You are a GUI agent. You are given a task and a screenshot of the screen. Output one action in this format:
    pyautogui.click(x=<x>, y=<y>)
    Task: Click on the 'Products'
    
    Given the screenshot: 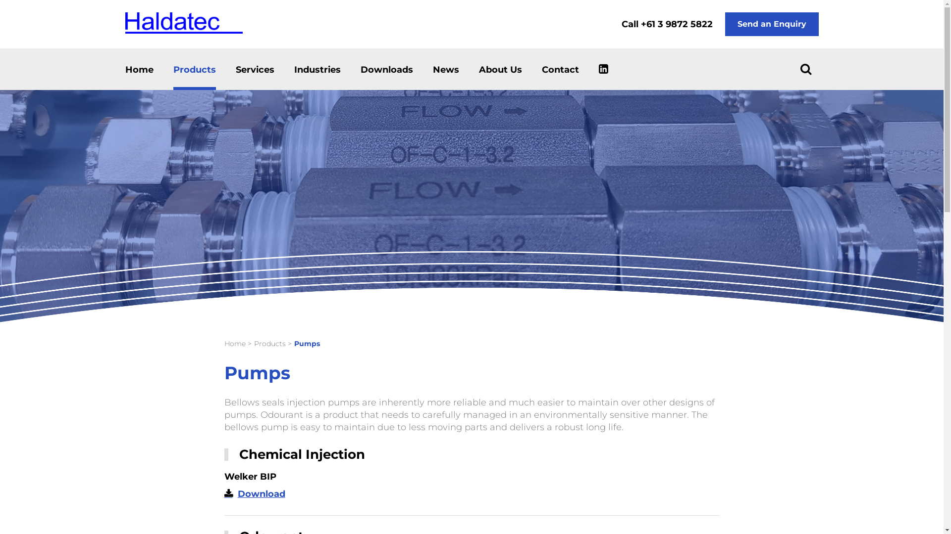 What is the action you would take?
    pyautogui.click(x=173, y=69)
    